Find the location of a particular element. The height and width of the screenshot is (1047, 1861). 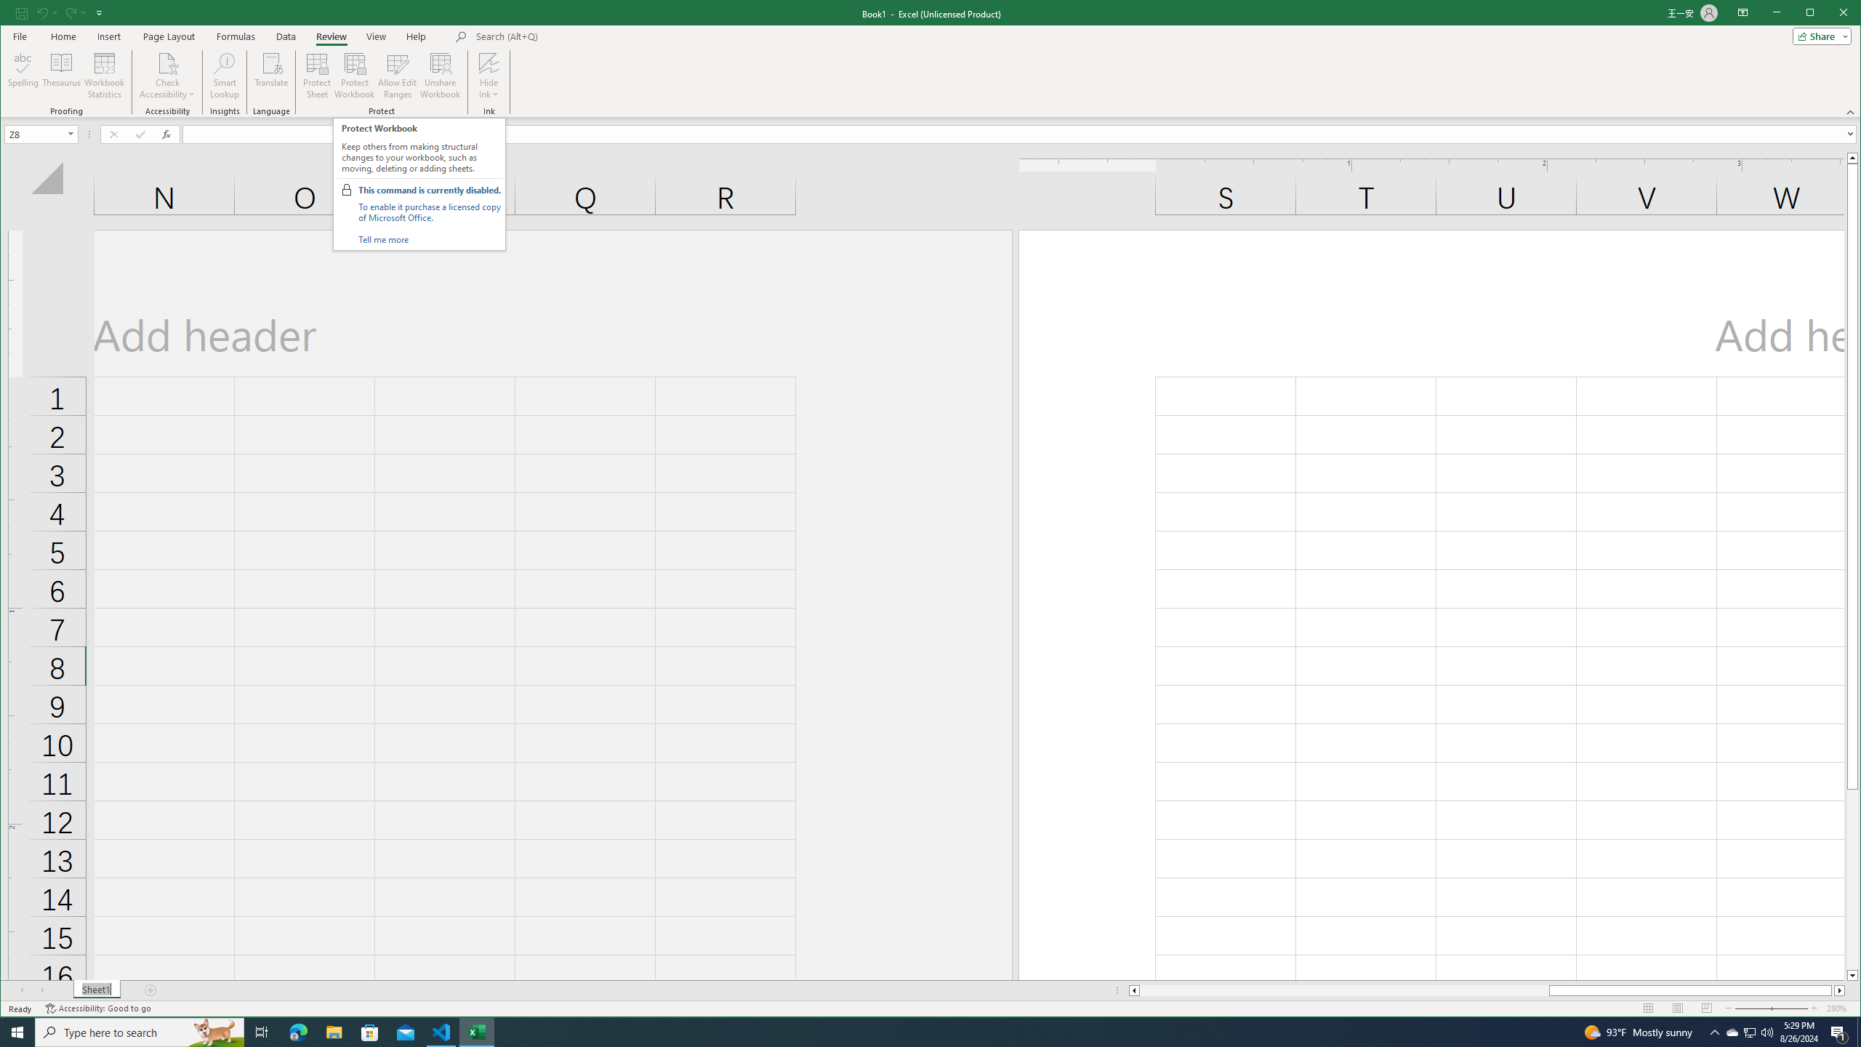

'Quick Access Toolbar' is located at coordinates (60, 13).